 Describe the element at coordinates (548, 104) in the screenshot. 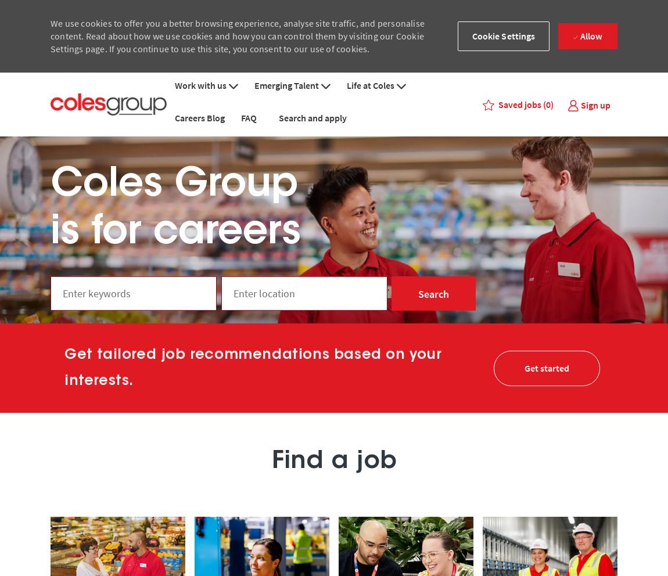

I see `'(0)'` at that location.